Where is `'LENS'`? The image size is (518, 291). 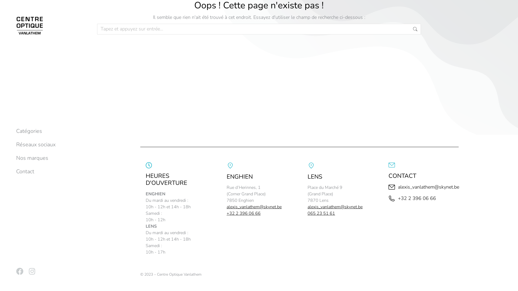 'LENS' is located at coordinates (315, 176).